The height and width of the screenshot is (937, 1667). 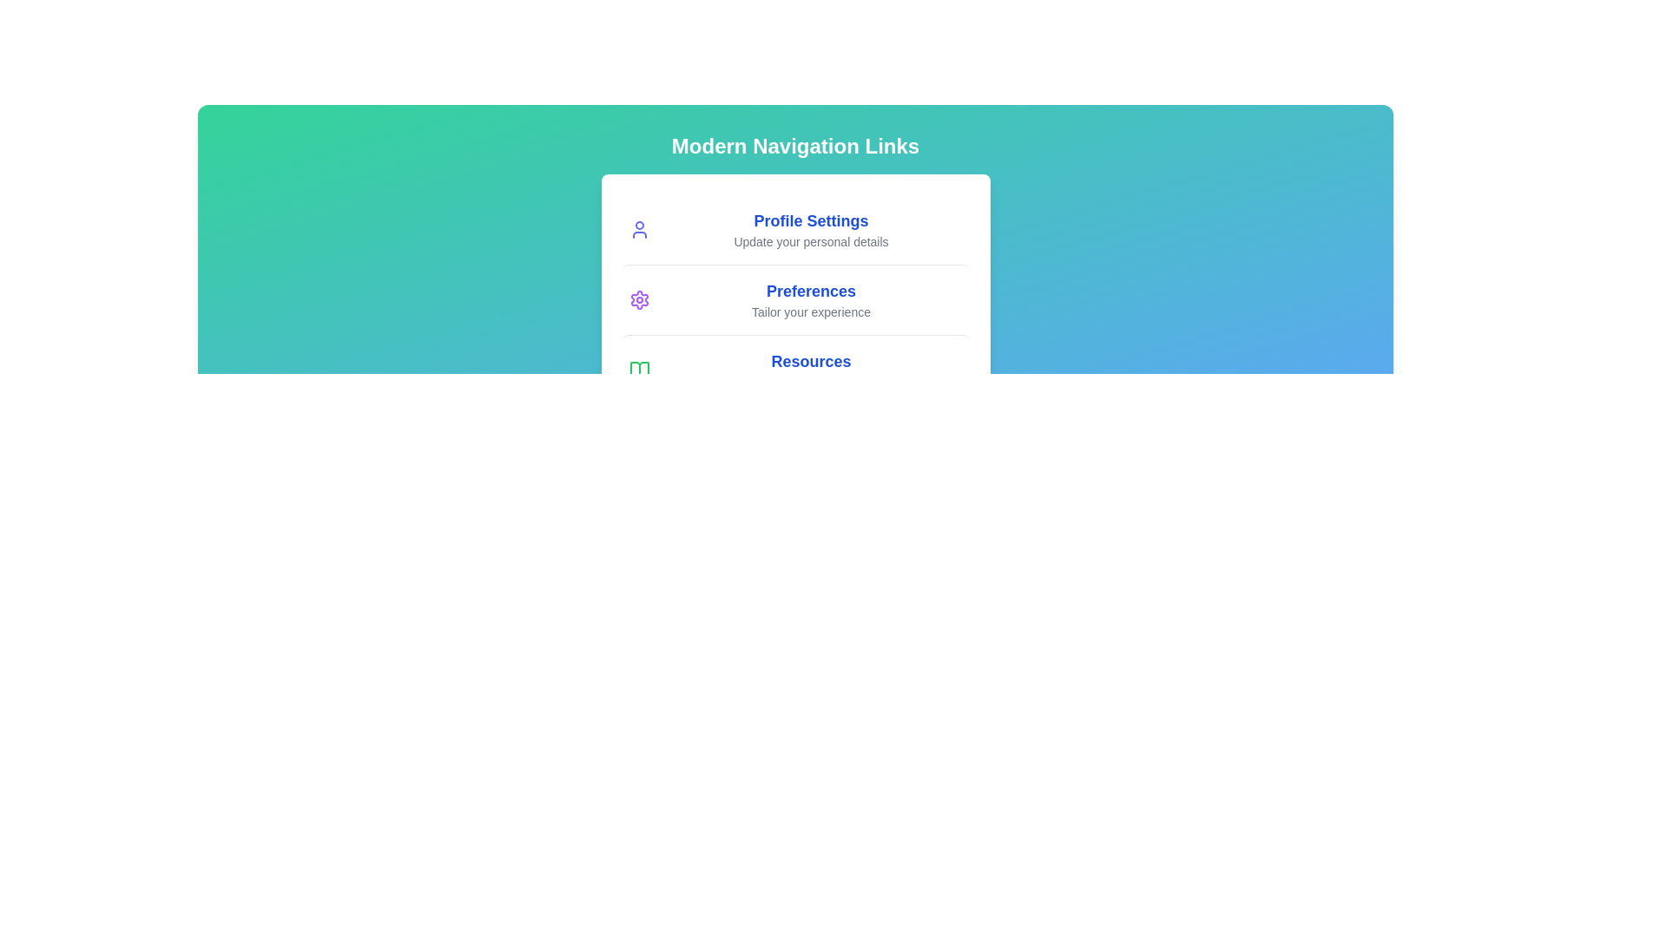 I want to click on the 'Resources' hyperlink, which is part of a composite component featuring a blue hyperlink and a descriptive text below it, so click(x=810, y=370).